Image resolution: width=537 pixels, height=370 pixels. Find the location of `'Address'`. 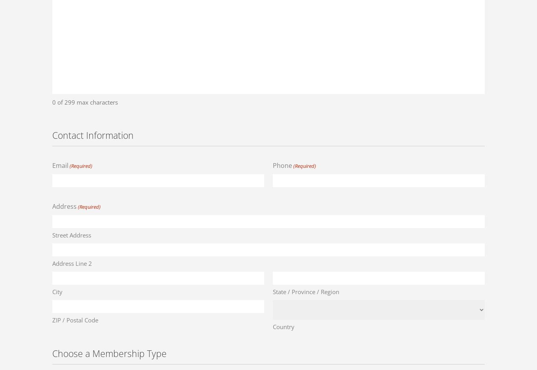

'Address' is located at coordinates (64, 206).